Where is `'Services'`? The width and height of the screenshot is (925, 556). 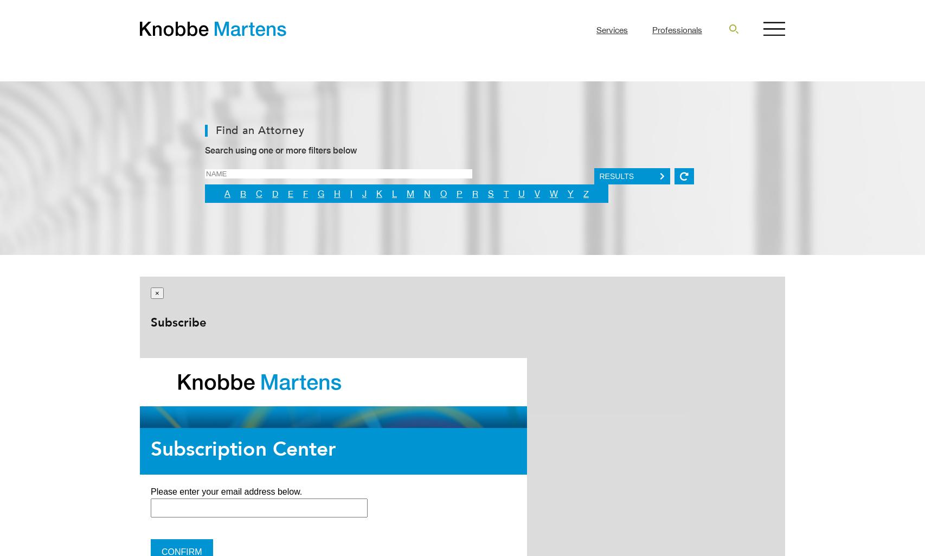 'Services' is located at coordinates (612, 29).